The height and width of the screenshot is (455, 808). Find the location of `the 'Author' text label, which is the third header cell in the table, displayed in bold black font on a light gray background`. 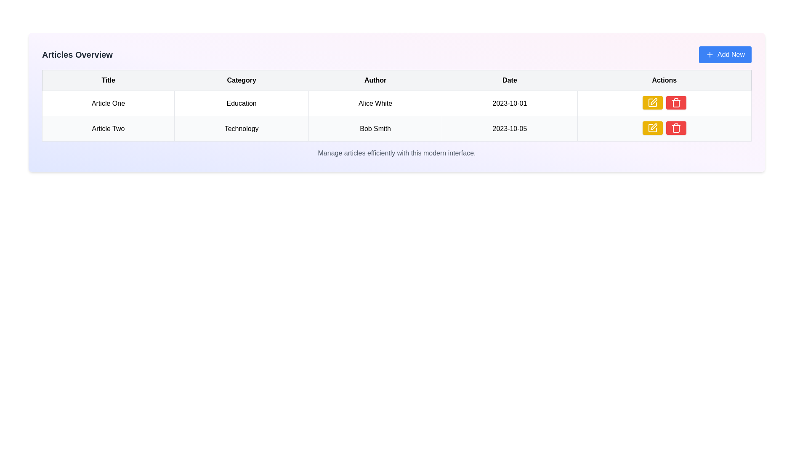

the 'Author' text label, which is the third header cell in the table, displayed in bold black font on a light gray background is located at coordinates (375, 80).